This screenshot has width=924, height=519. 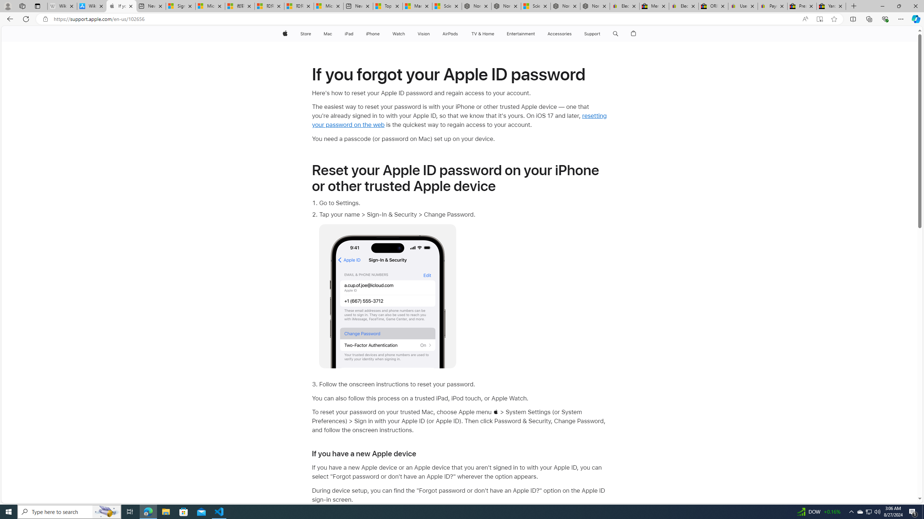 What do you see at coordinates (559, 34) in the screenshot?
I see `'Accessories'` at bounding box center [559, 34].